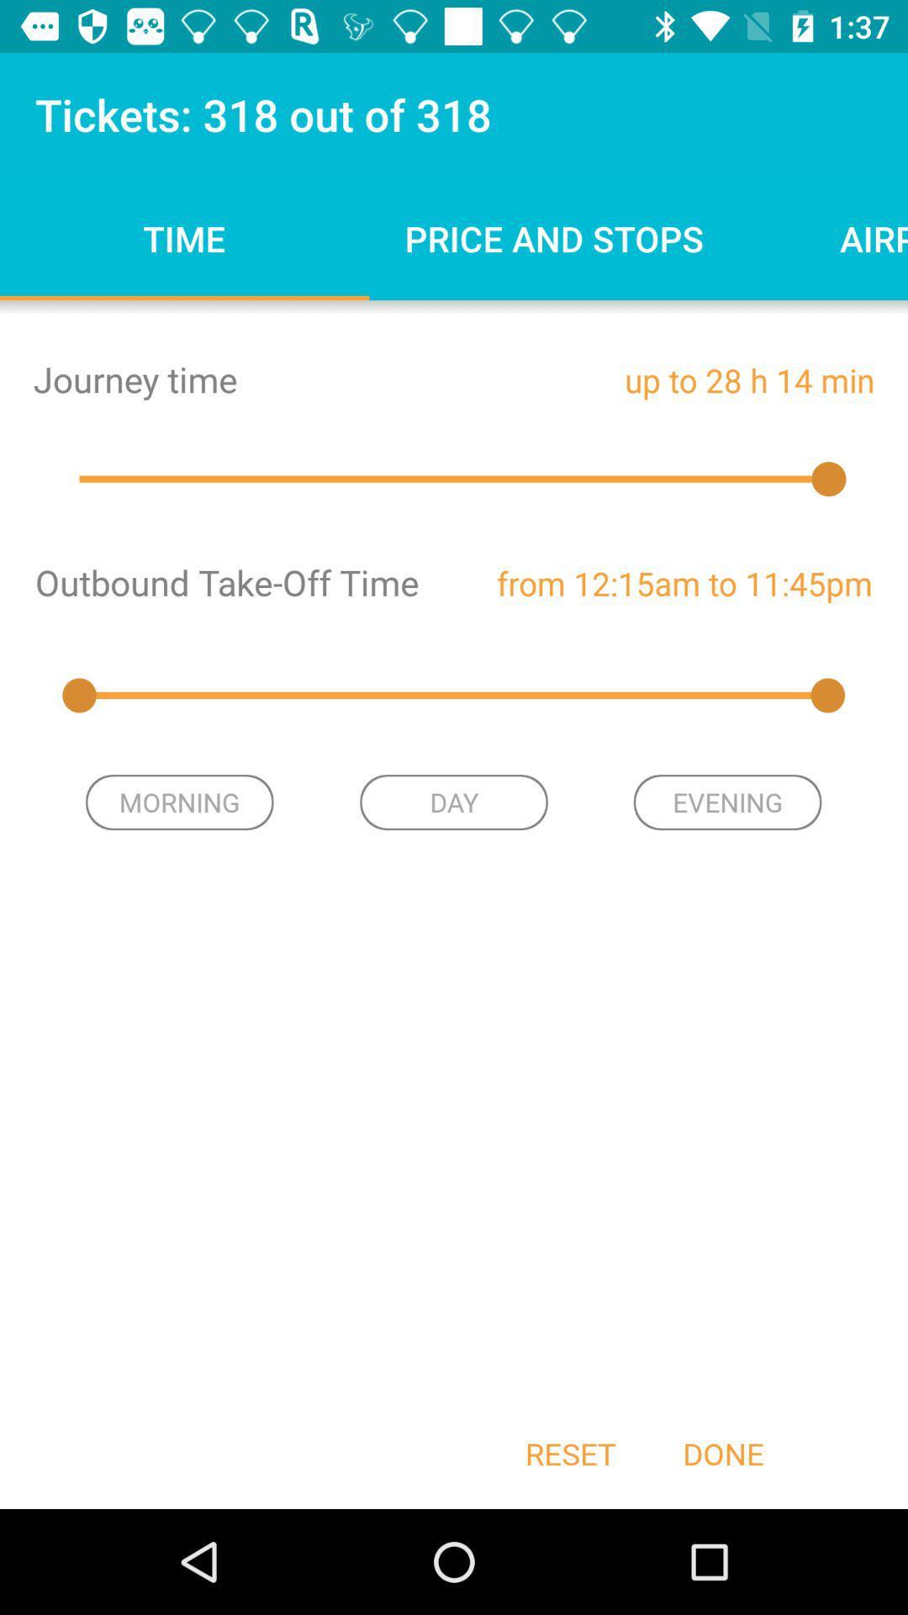 Image resolution: width=908 pixels, height=1615 pixels. I want to click on item next to the morning item, so click(454, 802).